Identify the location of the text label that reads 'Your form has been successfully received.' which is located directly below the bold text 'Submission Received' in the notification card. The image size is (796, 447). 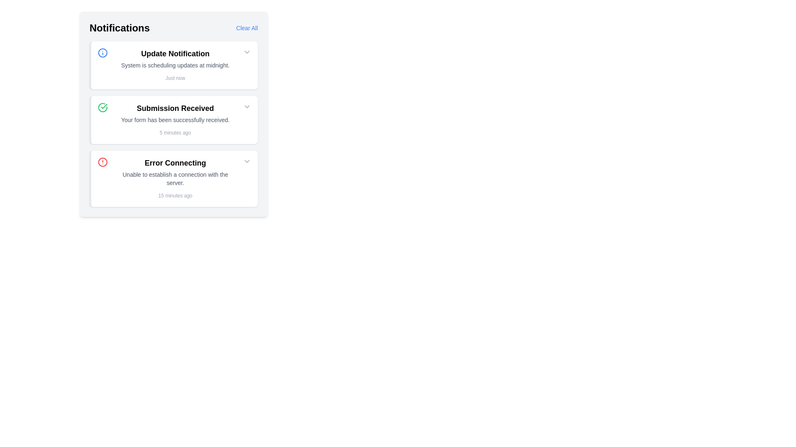
(175, 120).